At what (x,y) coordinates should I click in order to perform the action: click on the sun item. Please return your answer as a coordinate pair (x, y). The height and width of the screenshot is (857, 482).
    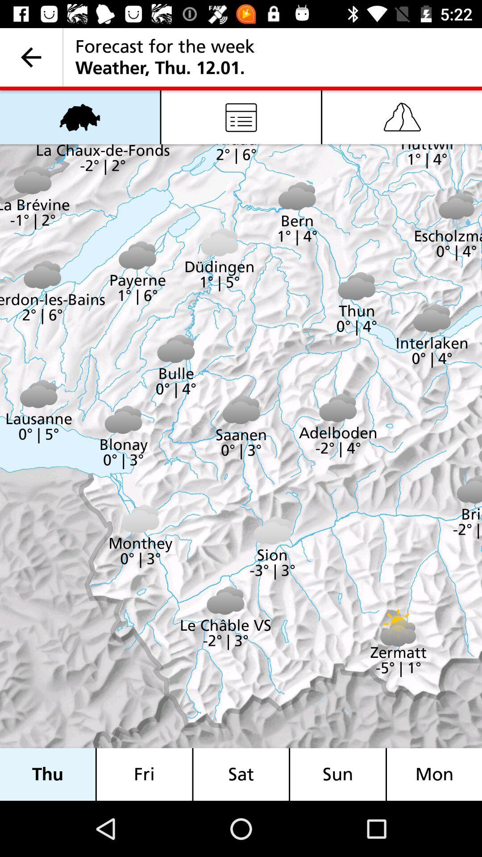
    Looking at the image, I should click on (338, 774).